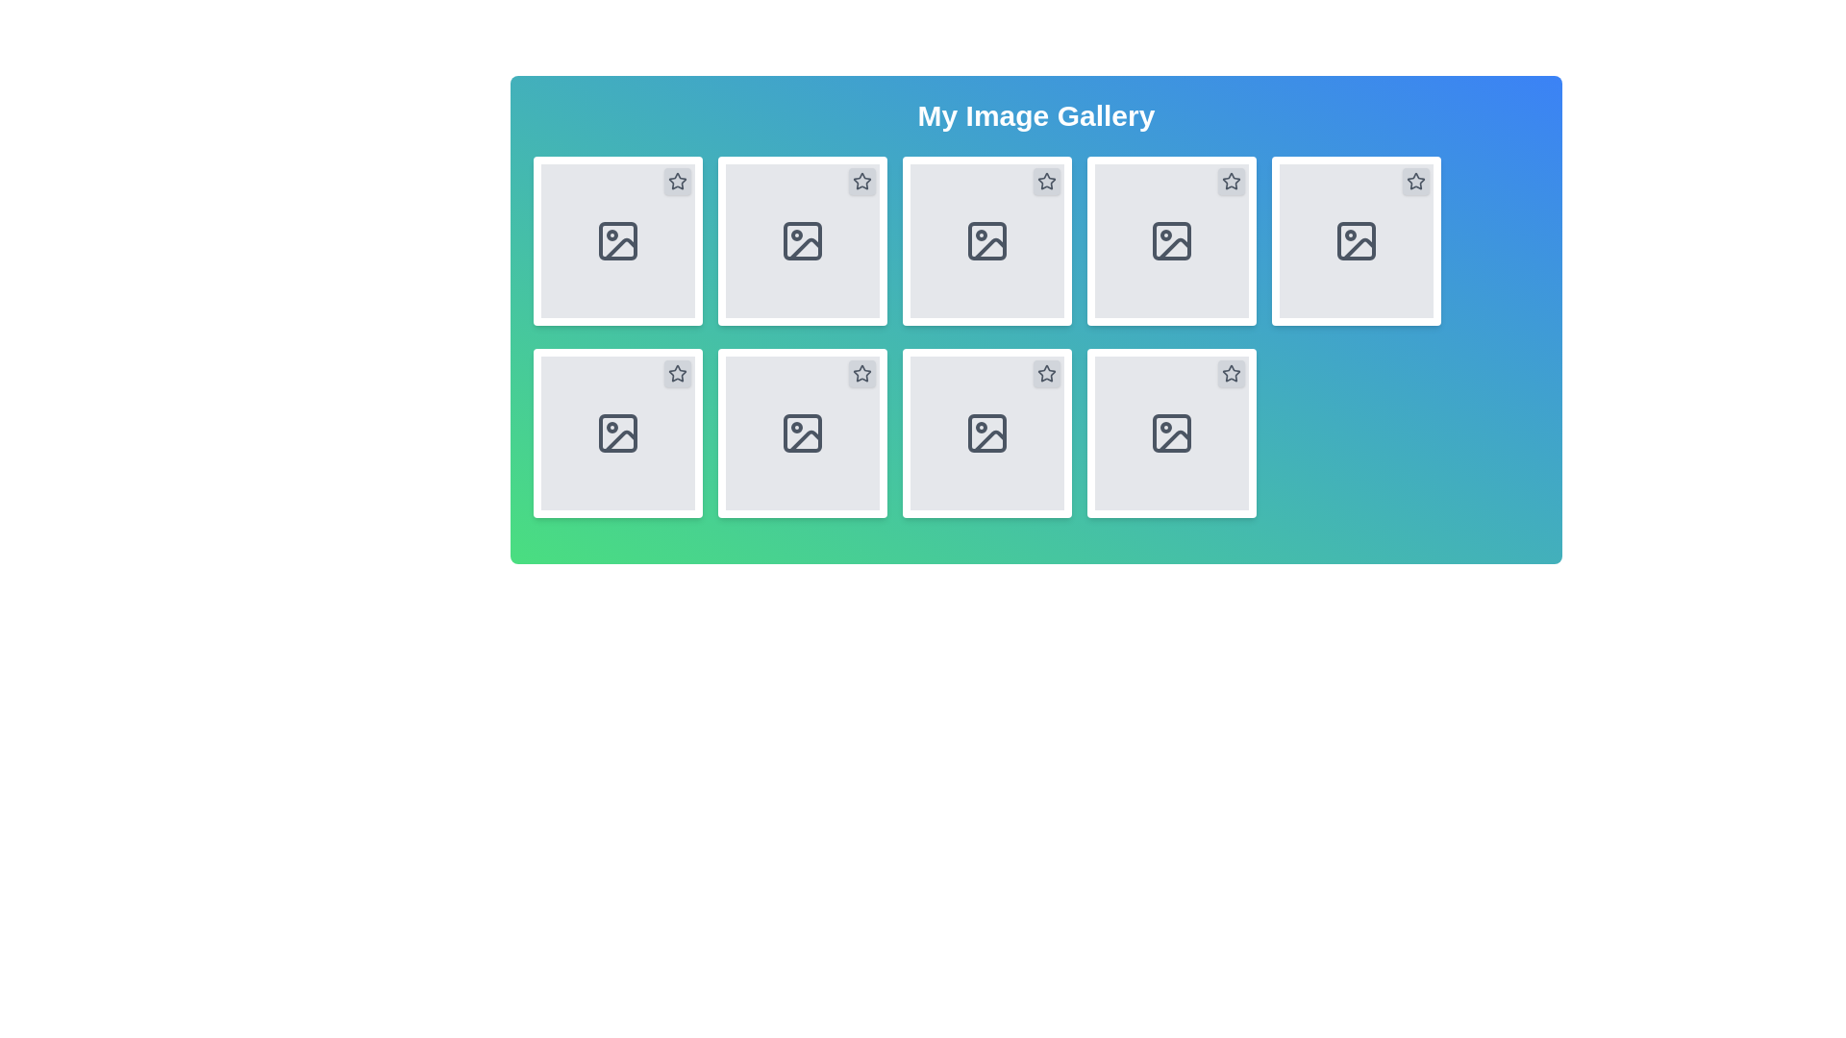  Describe the element at coordinates (618, 239) in the screenshot. I see `the decorative rectangle located inside the top-left image icon within the grid layout` at that location.